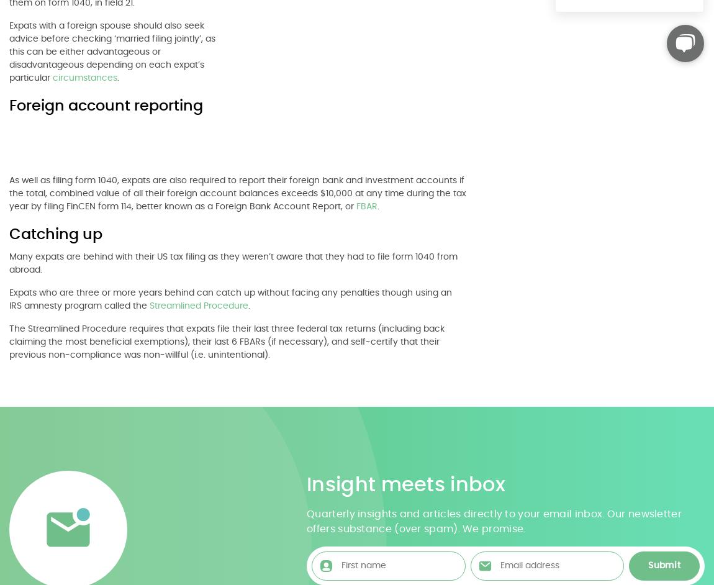  I want to click on 'Insight meets inbox', so click(405, 484).